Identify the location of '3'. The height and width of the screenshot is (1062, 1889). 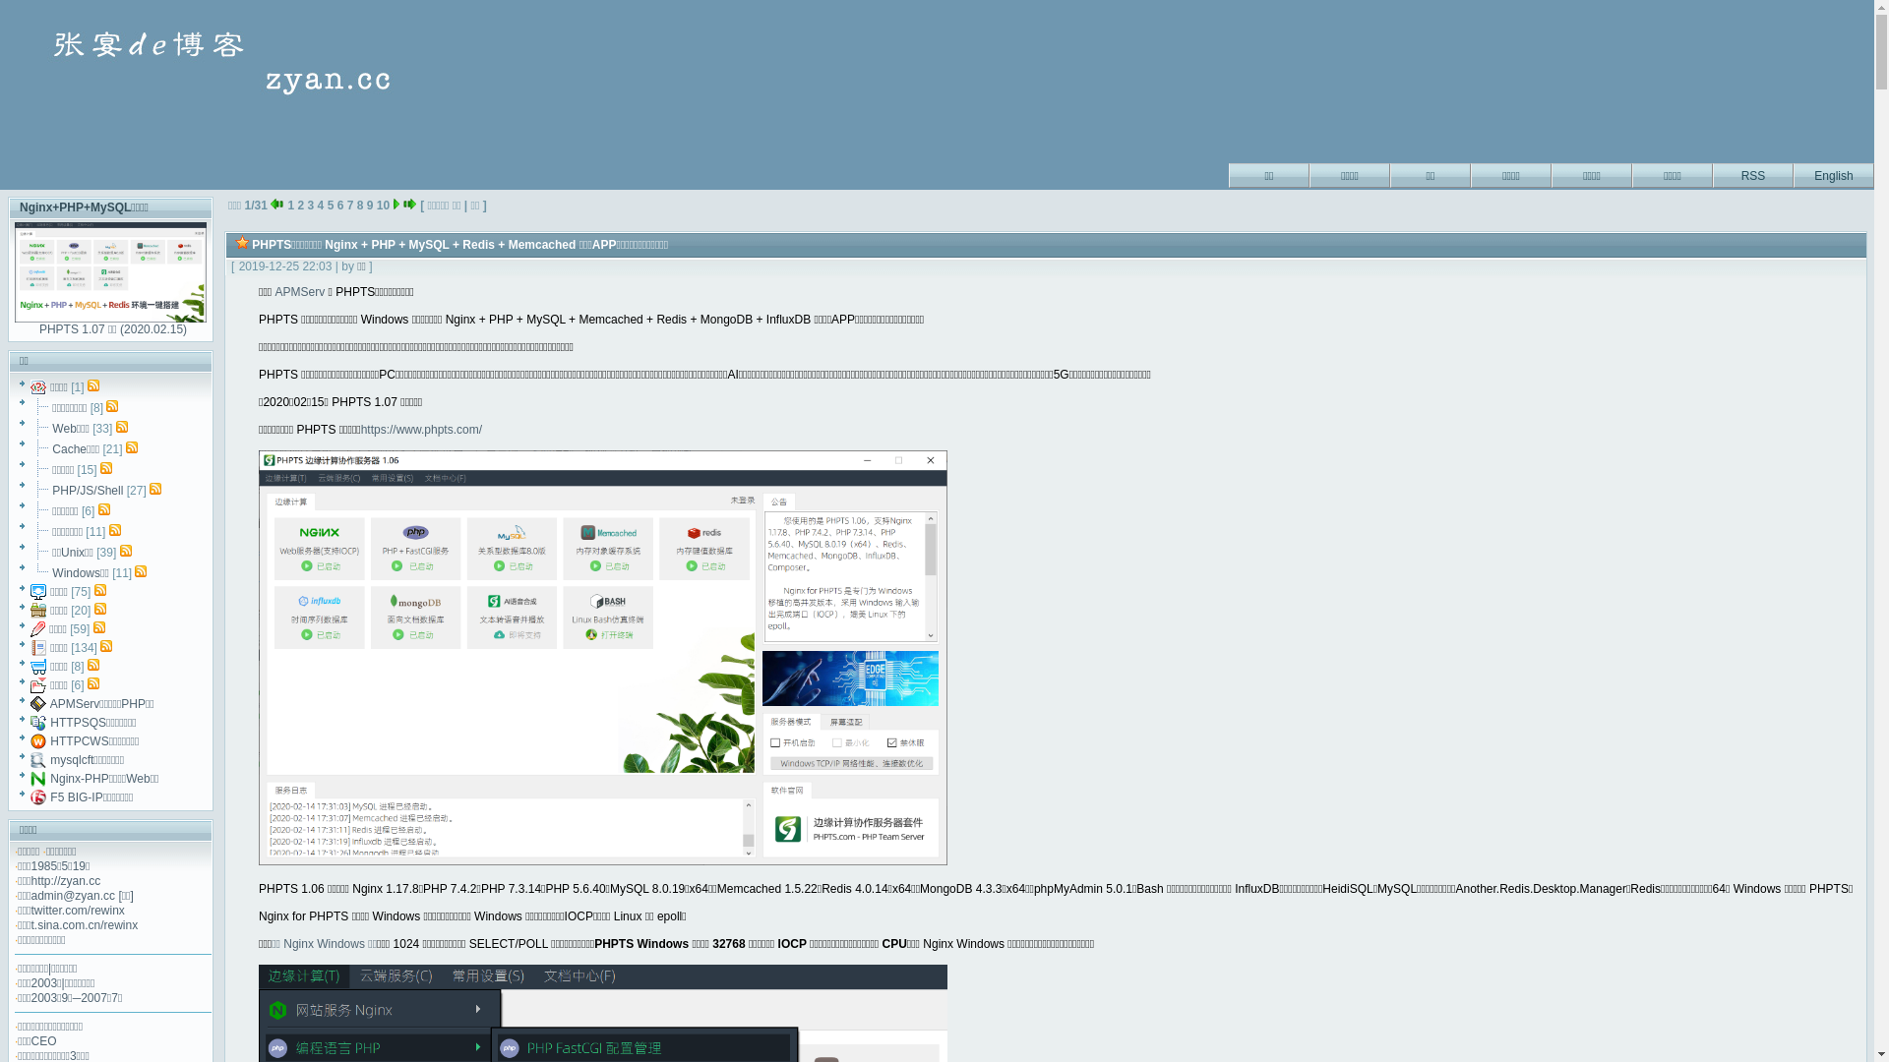
(310, 205).